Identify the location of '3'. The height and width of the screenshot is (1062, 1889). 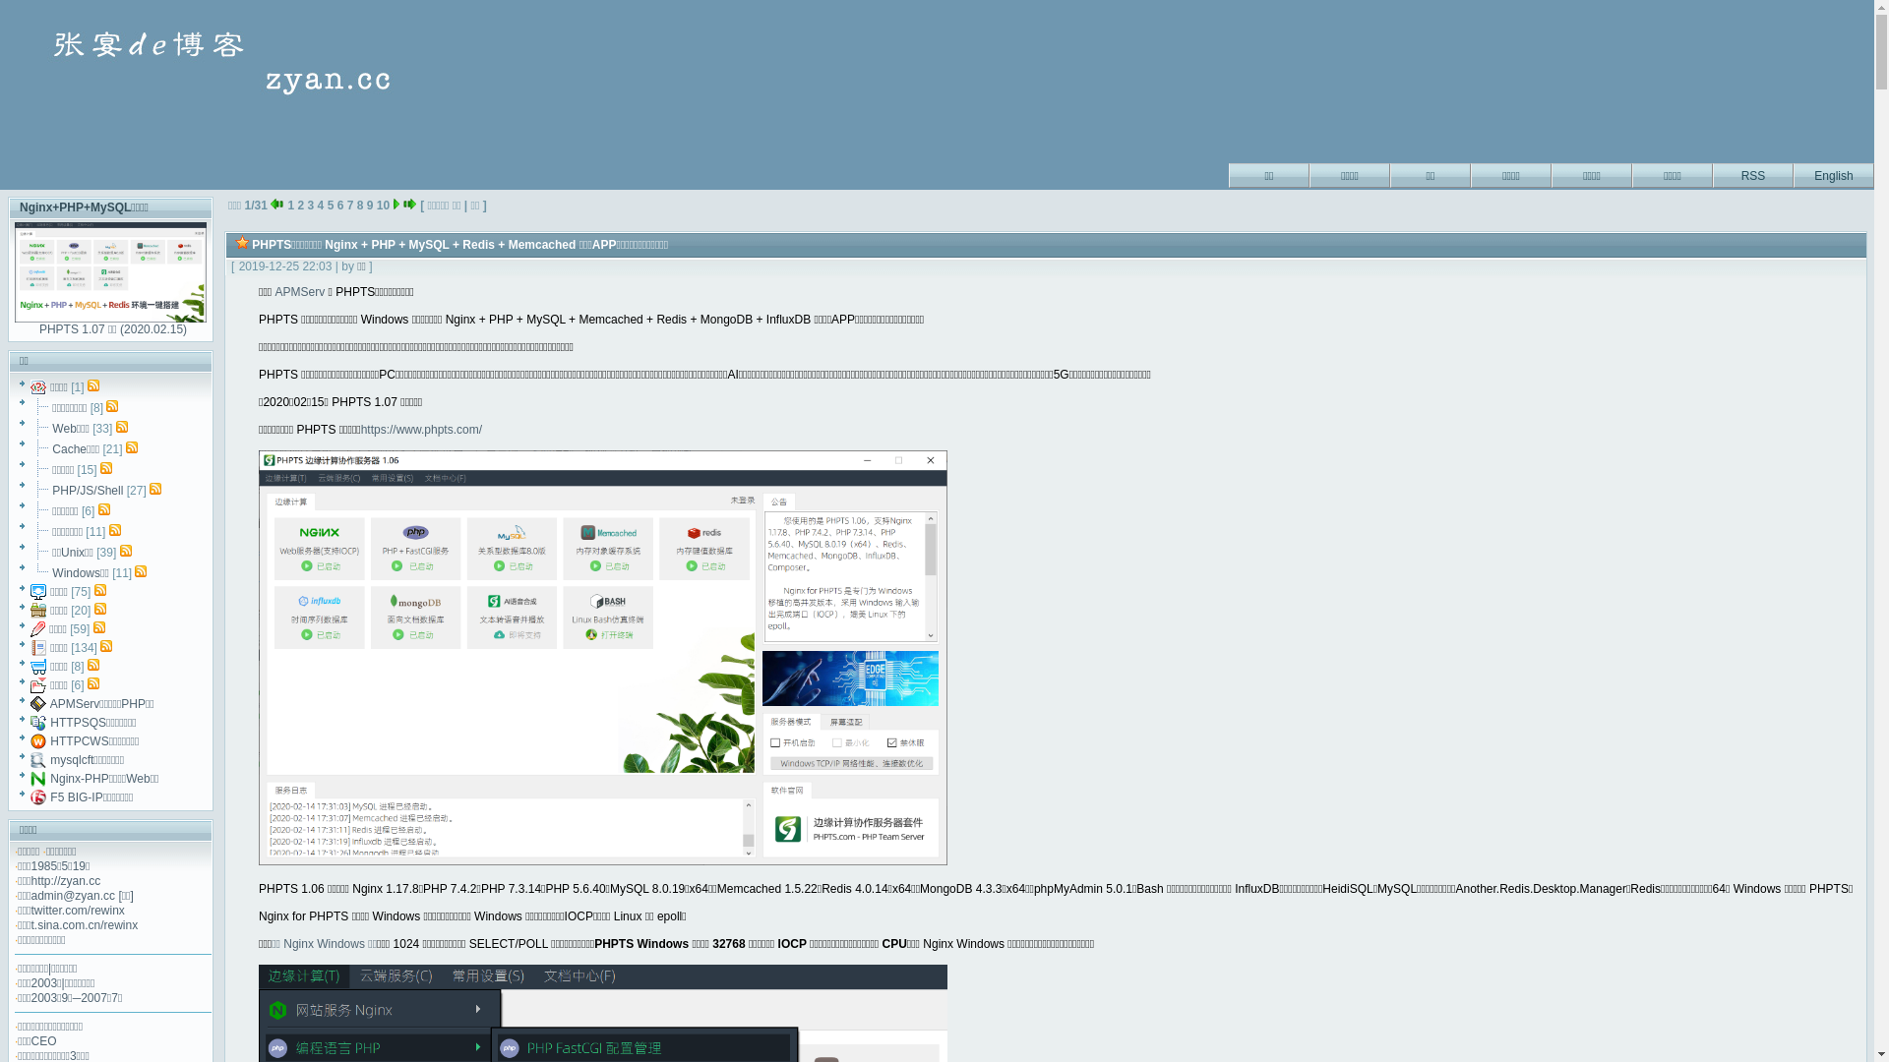
(310, 205).